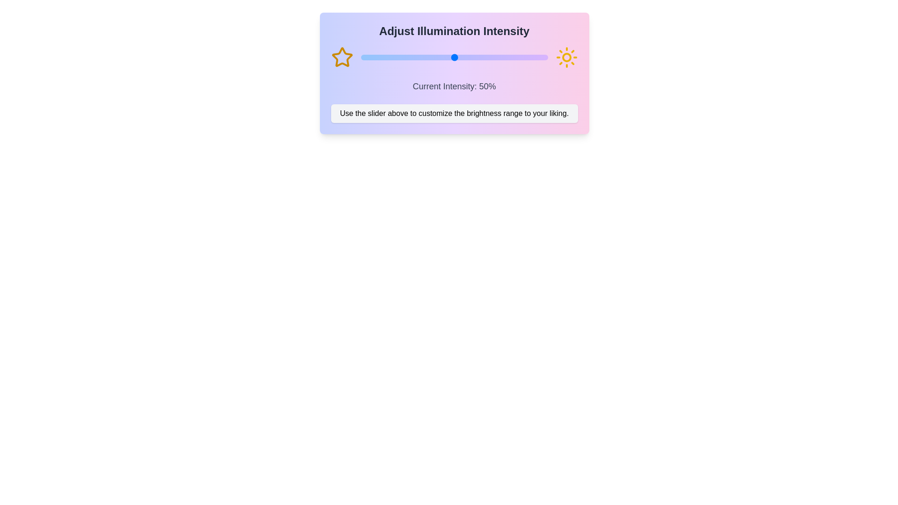 This screenshot has height=505, width=898. Describe the element at coordinates (508, 58) in the screenshot. I see `the slider to set the intensity to 79%` at that location.